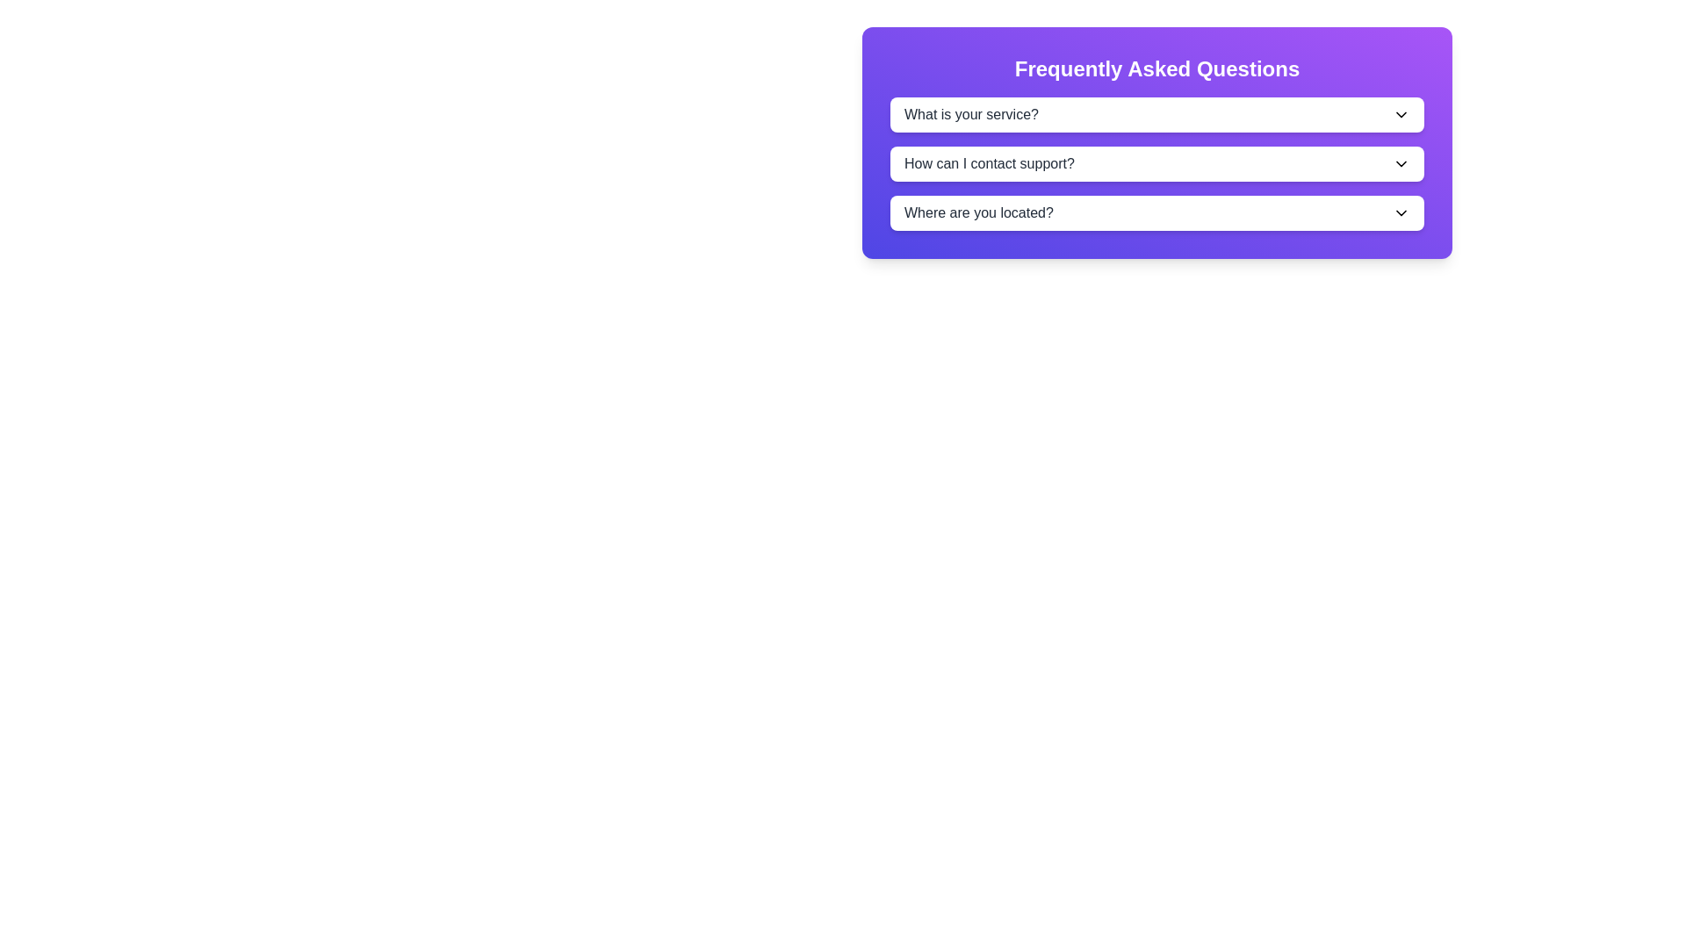  I want to click on the Dropdown icon (chevron) located on the far-right side of the question text 'How can I contact support?', so click(1401, 163).